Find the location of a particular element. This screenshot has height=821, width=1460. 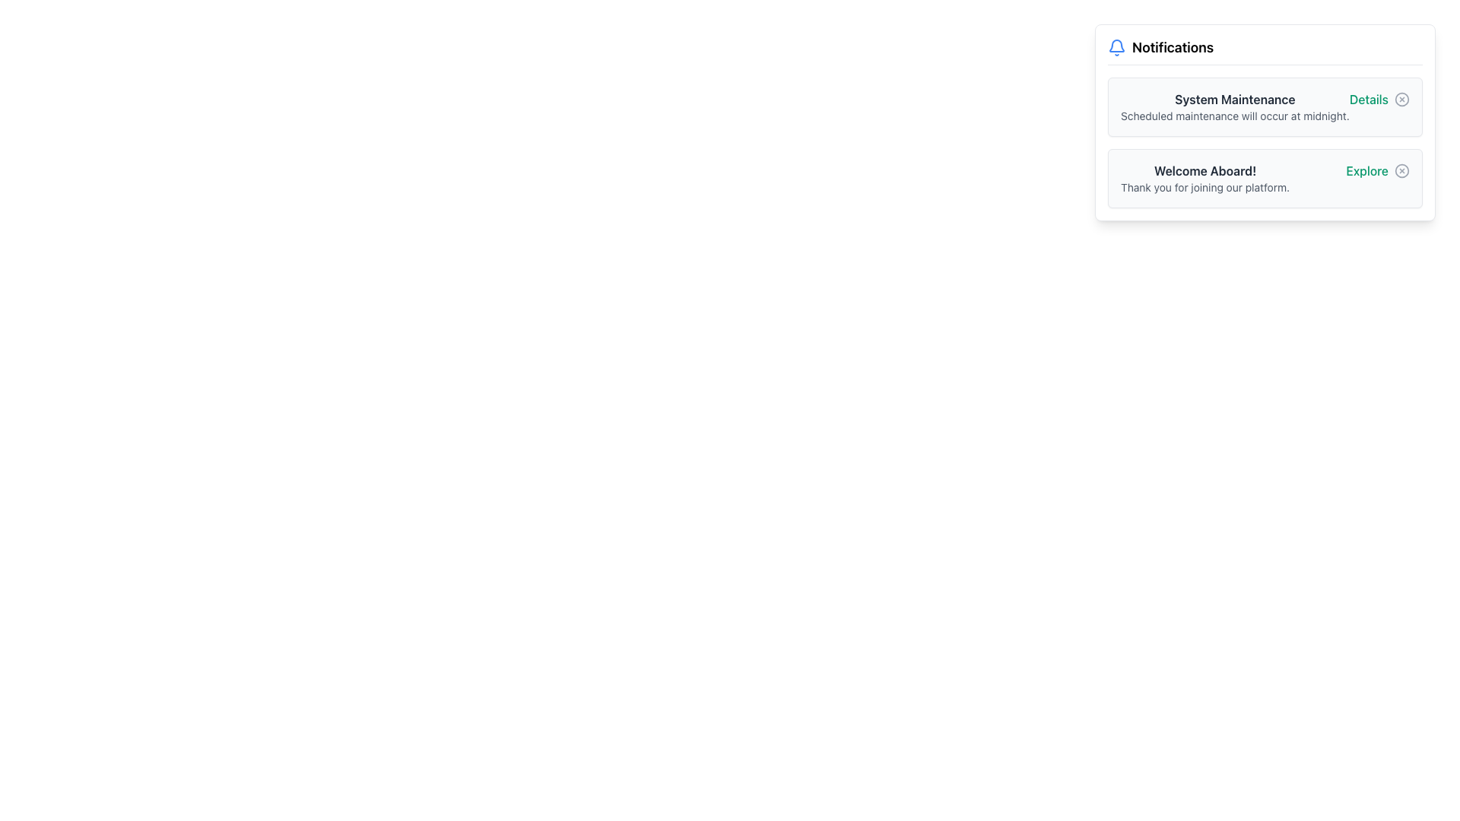

the navigational Text Label located in the bottom section of the notification panel, aligned to the right side, after the phrase 'Welcome Aboard!' is located at coordinates (1378, 170).